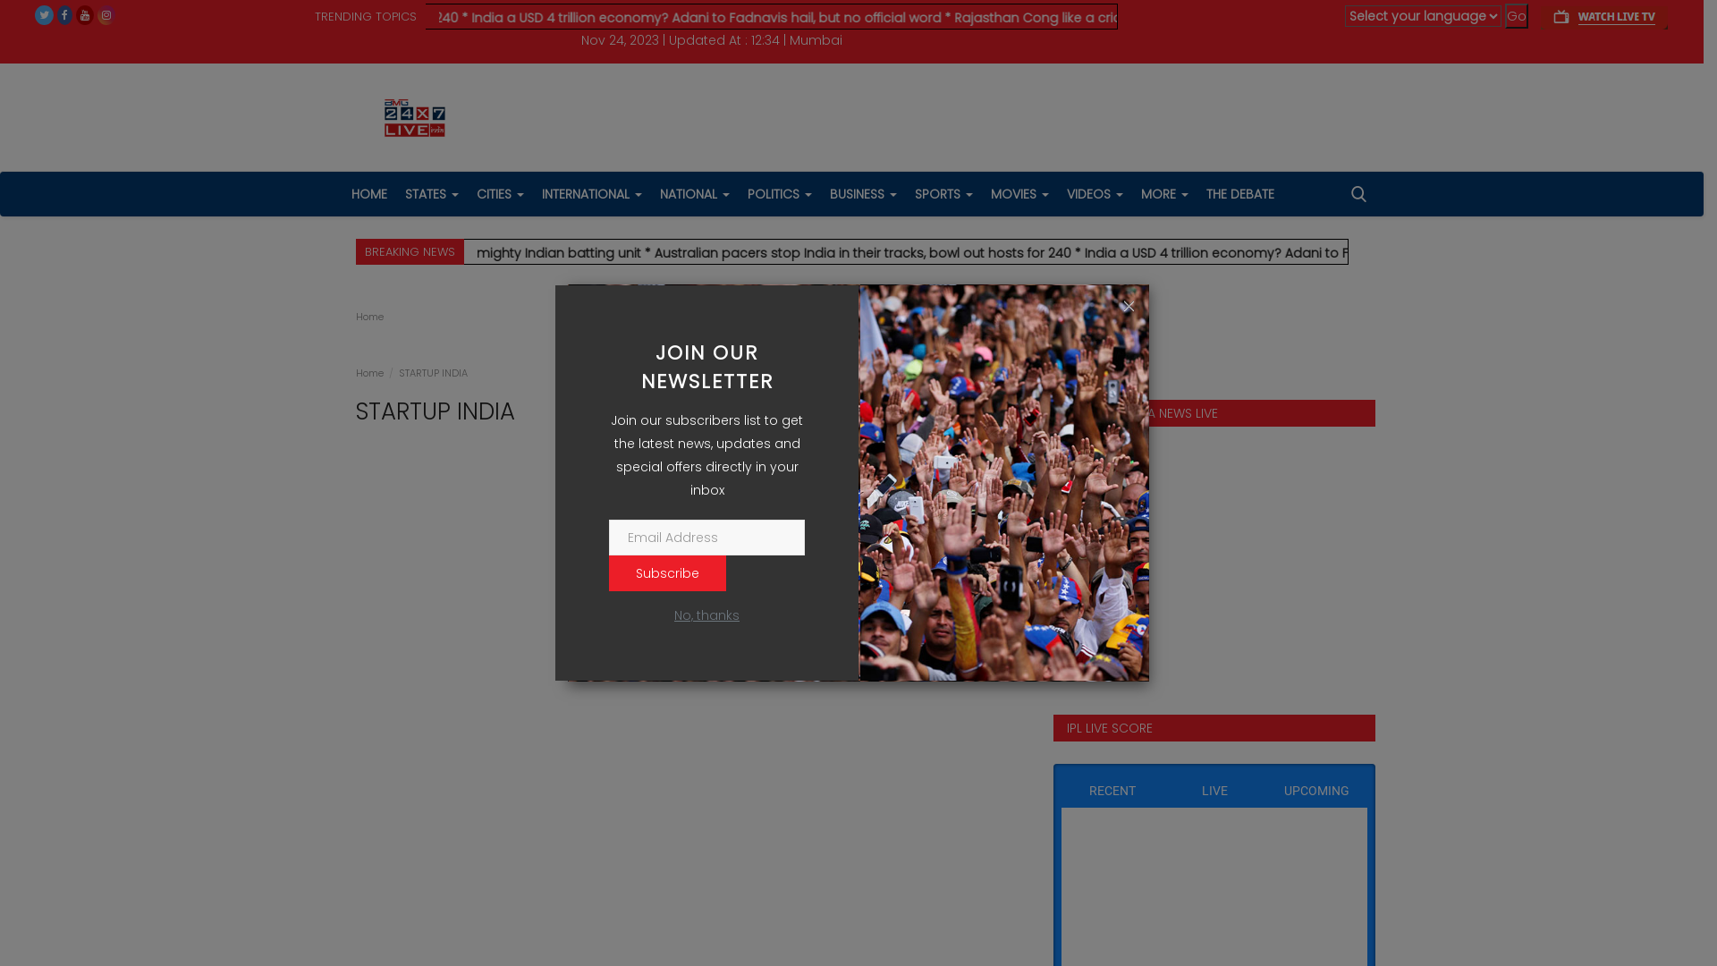  Describe the element at coordinates (1164, 193) in the screenshot. I see `'MORE'` at that location.